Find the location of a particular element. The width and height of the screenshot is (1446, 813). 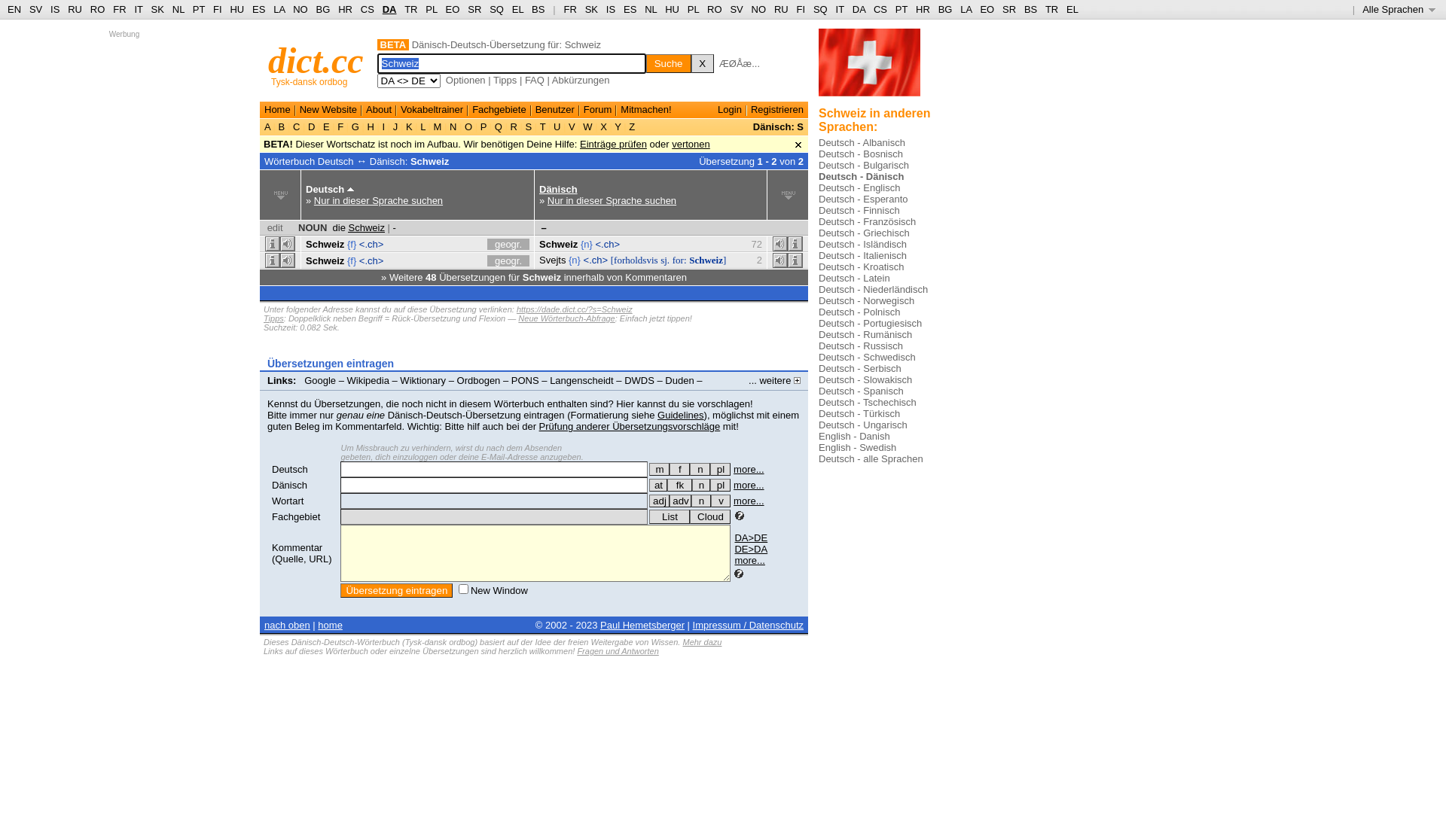

'Ordbogen' is located at coordinates (478, 379).